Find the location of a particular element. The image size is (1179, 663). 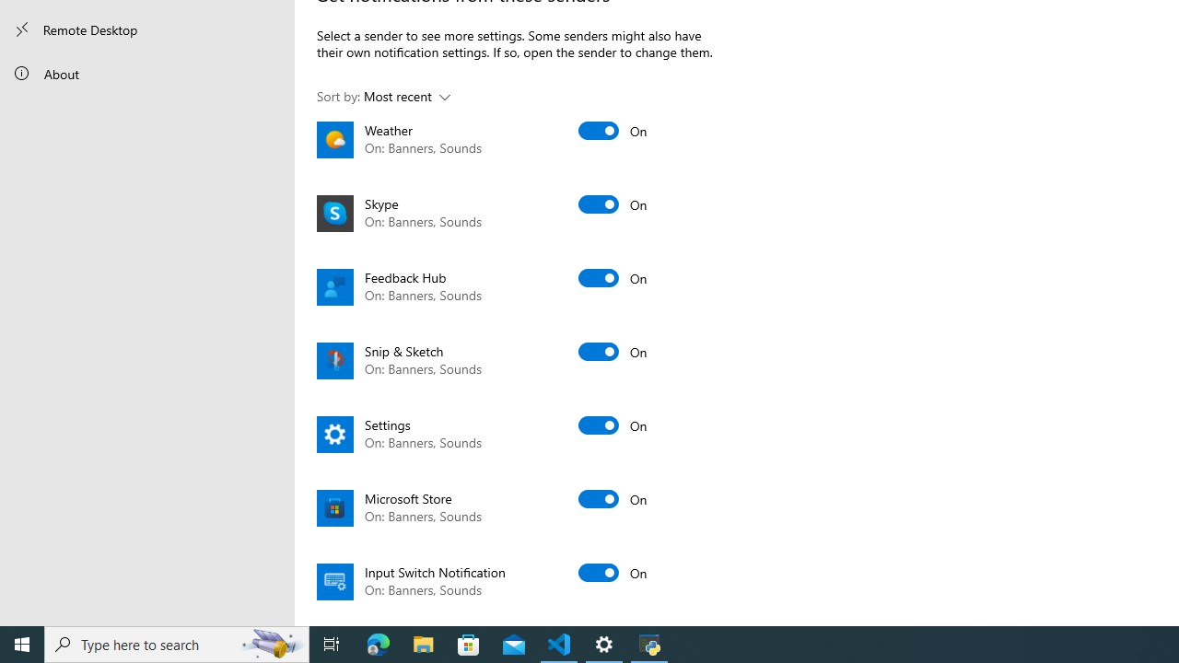

'File Explorer' is located at coordinates (423, 643).